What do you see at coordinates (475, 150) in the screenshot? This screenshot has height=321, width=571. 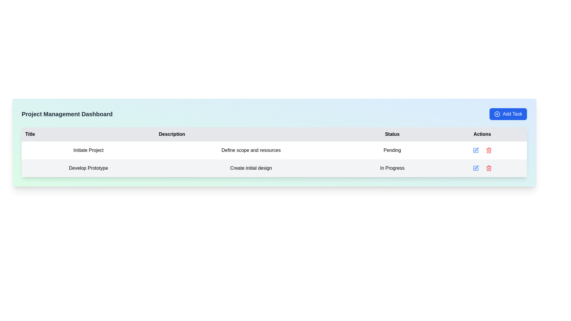 I see `the 'Edit' button located in the 'Actions' column of the first row of the table, next to the 'Pending' status` at bounding box center [475, 150].